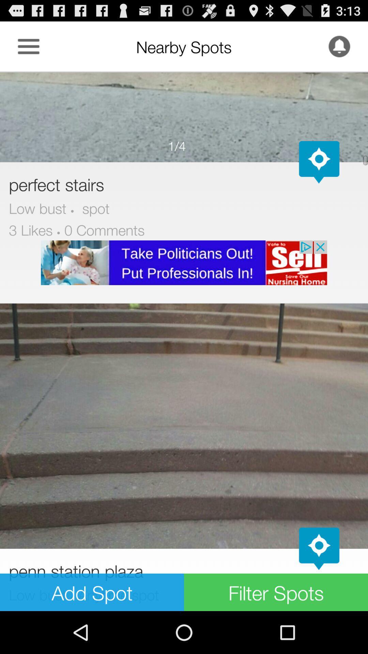 The width and height of the screenshot is (368, 654). Describe the element at coordinates (319, 549) in the screenshot. I see `location` at that location.